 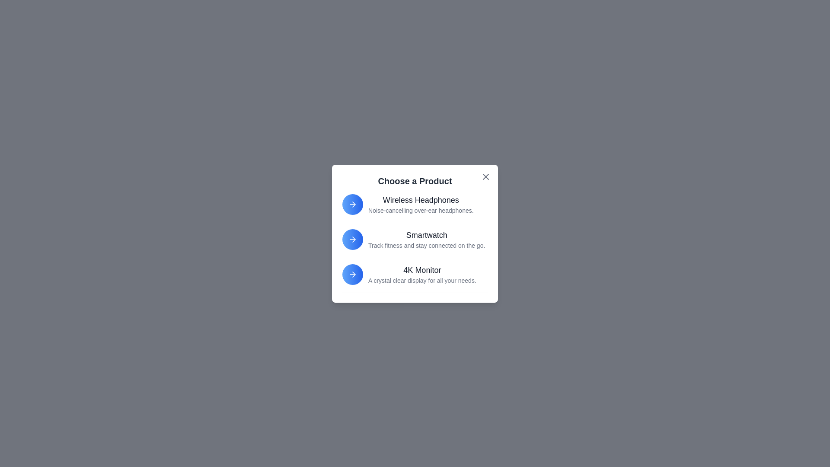 What do you see at coordinates (353, 274) in the screenshot?
I see `the button associated with the product 4K Monitor` at bounding box center [353, 274].